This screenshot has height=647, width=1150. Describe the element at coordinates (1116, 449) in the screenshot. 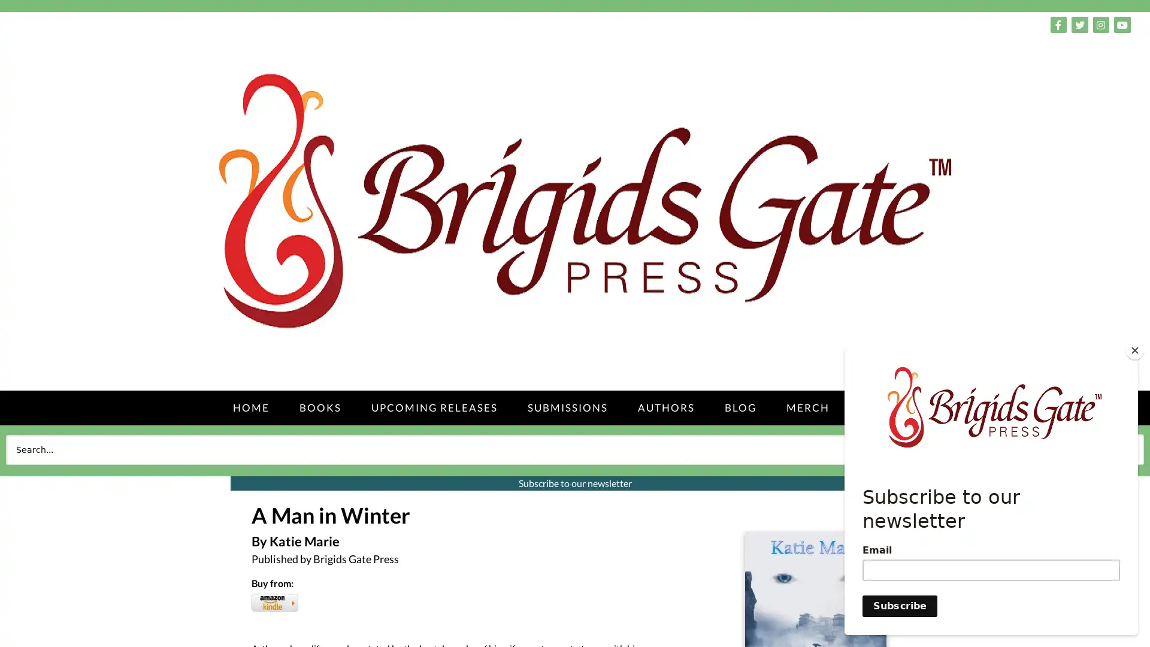

I see `Search` at that location.